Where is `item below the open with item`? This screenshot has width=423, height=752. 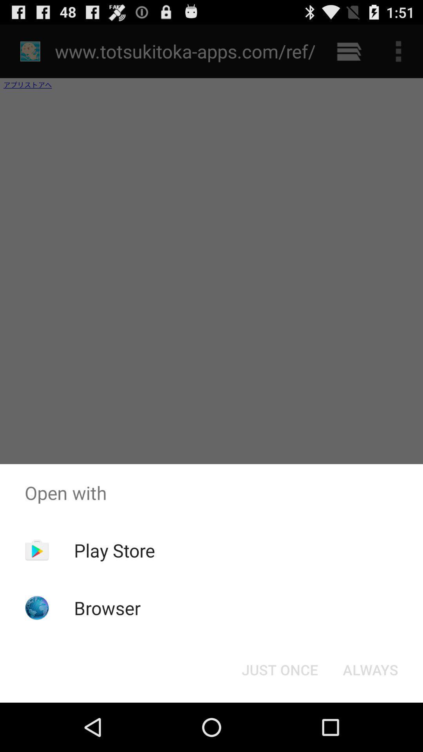 item below the open with item is located at coordinates (114, 550).